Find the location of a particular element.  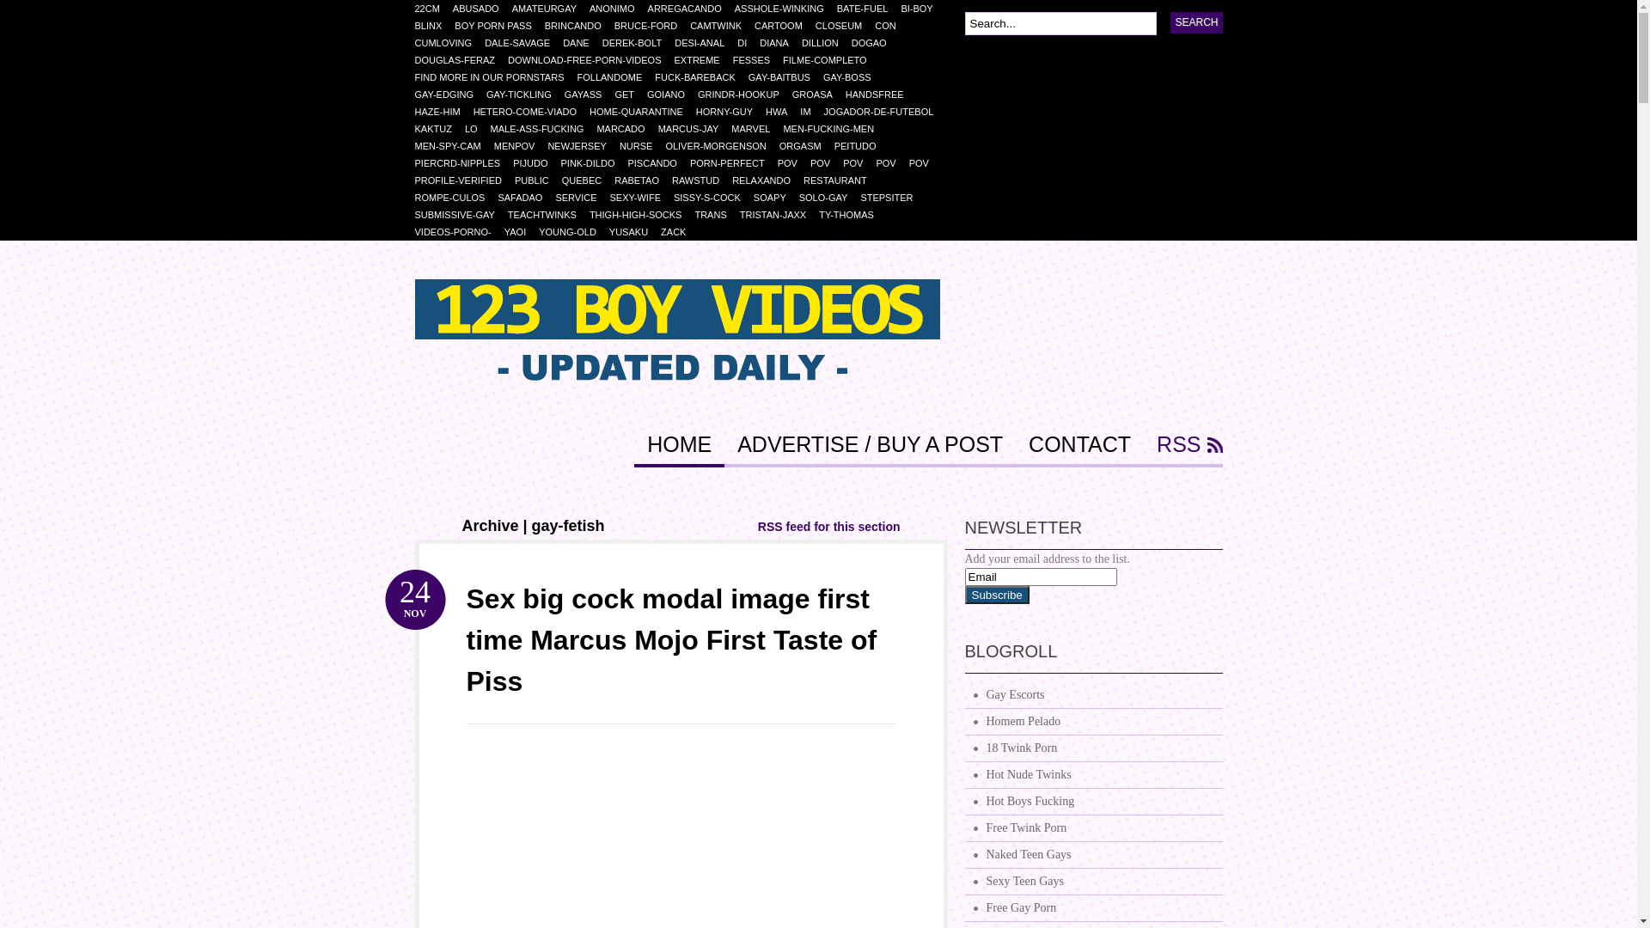

'TRANS' is located at coordinates (717, 214).